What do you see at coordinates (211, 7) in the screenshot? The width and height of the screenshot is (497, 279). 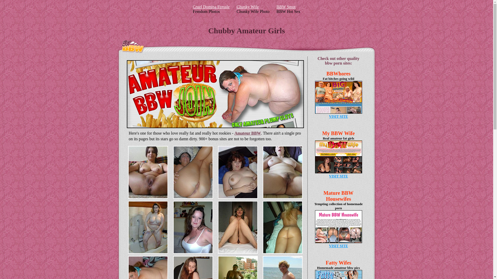 I see `'Cruel Domina Female'` at bounding box center [211, 7].